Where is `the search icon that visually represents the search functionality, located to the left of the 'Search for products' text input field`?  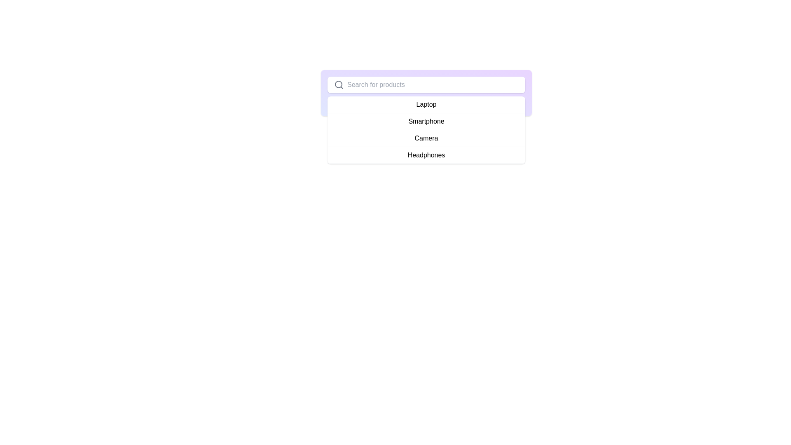 the search icon that visually represents the search functionality, located to the left of the 'Search for products' text input field is located at coordinates (339, 84).